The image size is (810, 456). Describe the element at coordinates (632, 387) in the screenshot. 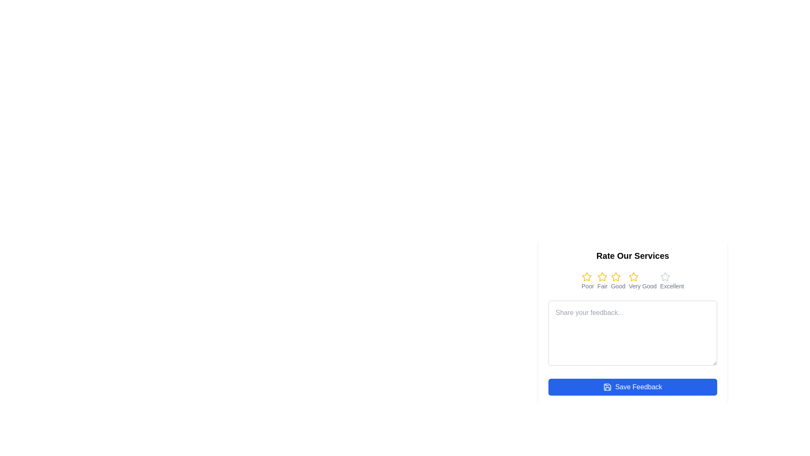

I see `the submit button located at the bottom of the feedback form interface` at that location.